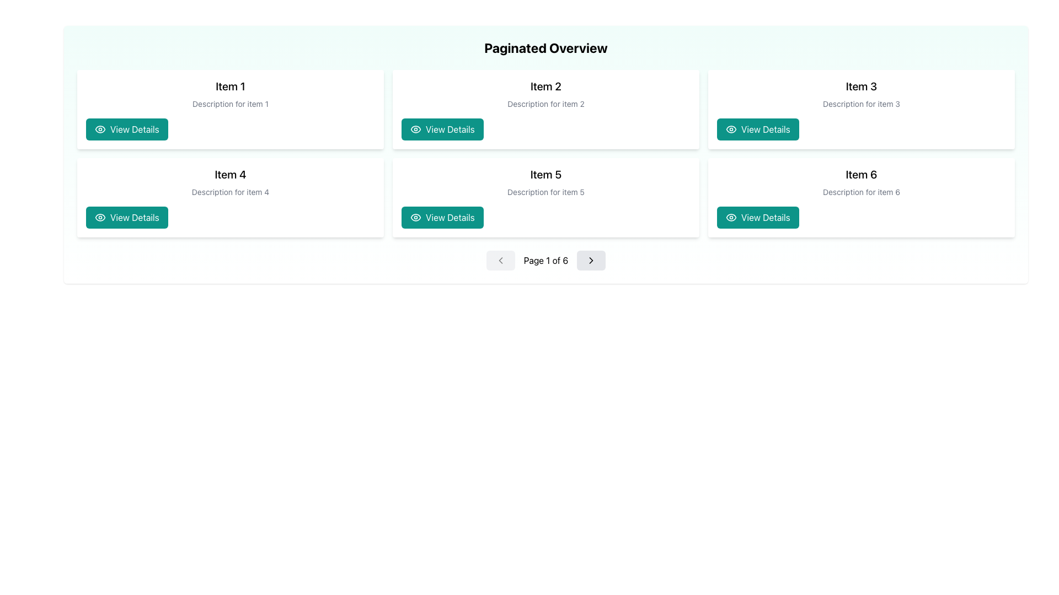 The width and height of the screenshot is (1059, 595). What do you see at coordinates (100, 129) in the screenshot?
I see `the eye-icon located at the leftmost side of the 'View Details' button` at bounding box center [100, 129].